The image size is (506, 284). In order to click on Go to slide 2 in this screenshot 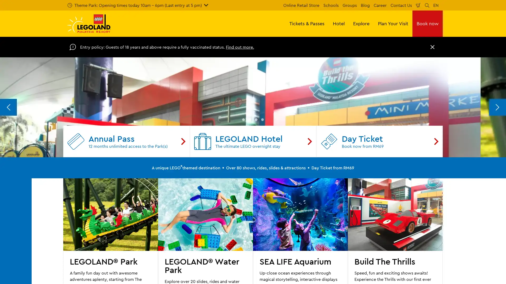, I will do `click(250, 224)`.